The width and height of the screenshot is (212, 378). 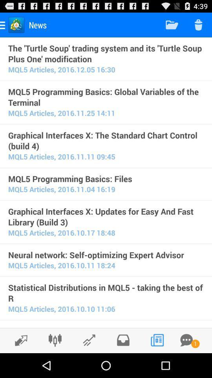 What do you see at coordinates (106, 293) in the screenshot?
I see `the statistical distributions in` at bounding box center [106, 293].